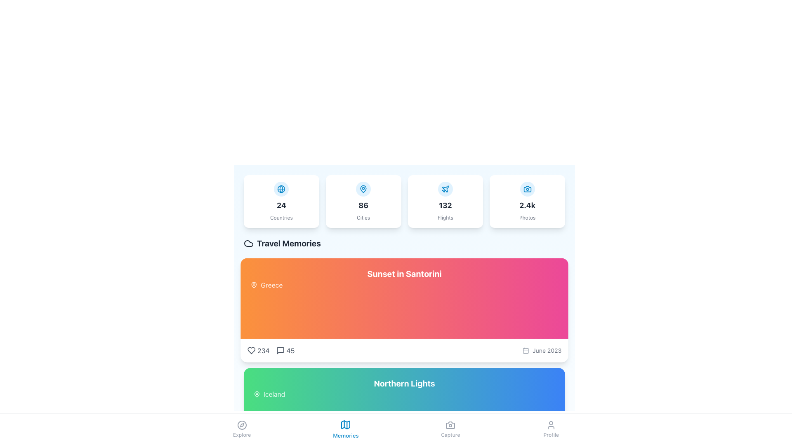  I want to click on the Icon button representing photos or photography located at the top of the card displaying '2.4k Photos', so click(527, 189).